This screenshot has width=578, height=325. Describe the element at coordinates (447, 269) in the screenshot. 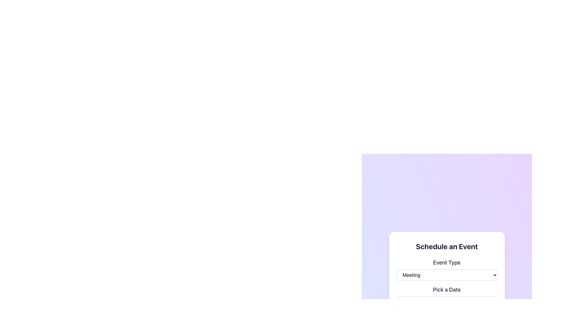

I see `an option from the Dropdown menu for categorizing an event, located in the 'Schedule an Event' modal above the 'Pick a Date' section` at that location.